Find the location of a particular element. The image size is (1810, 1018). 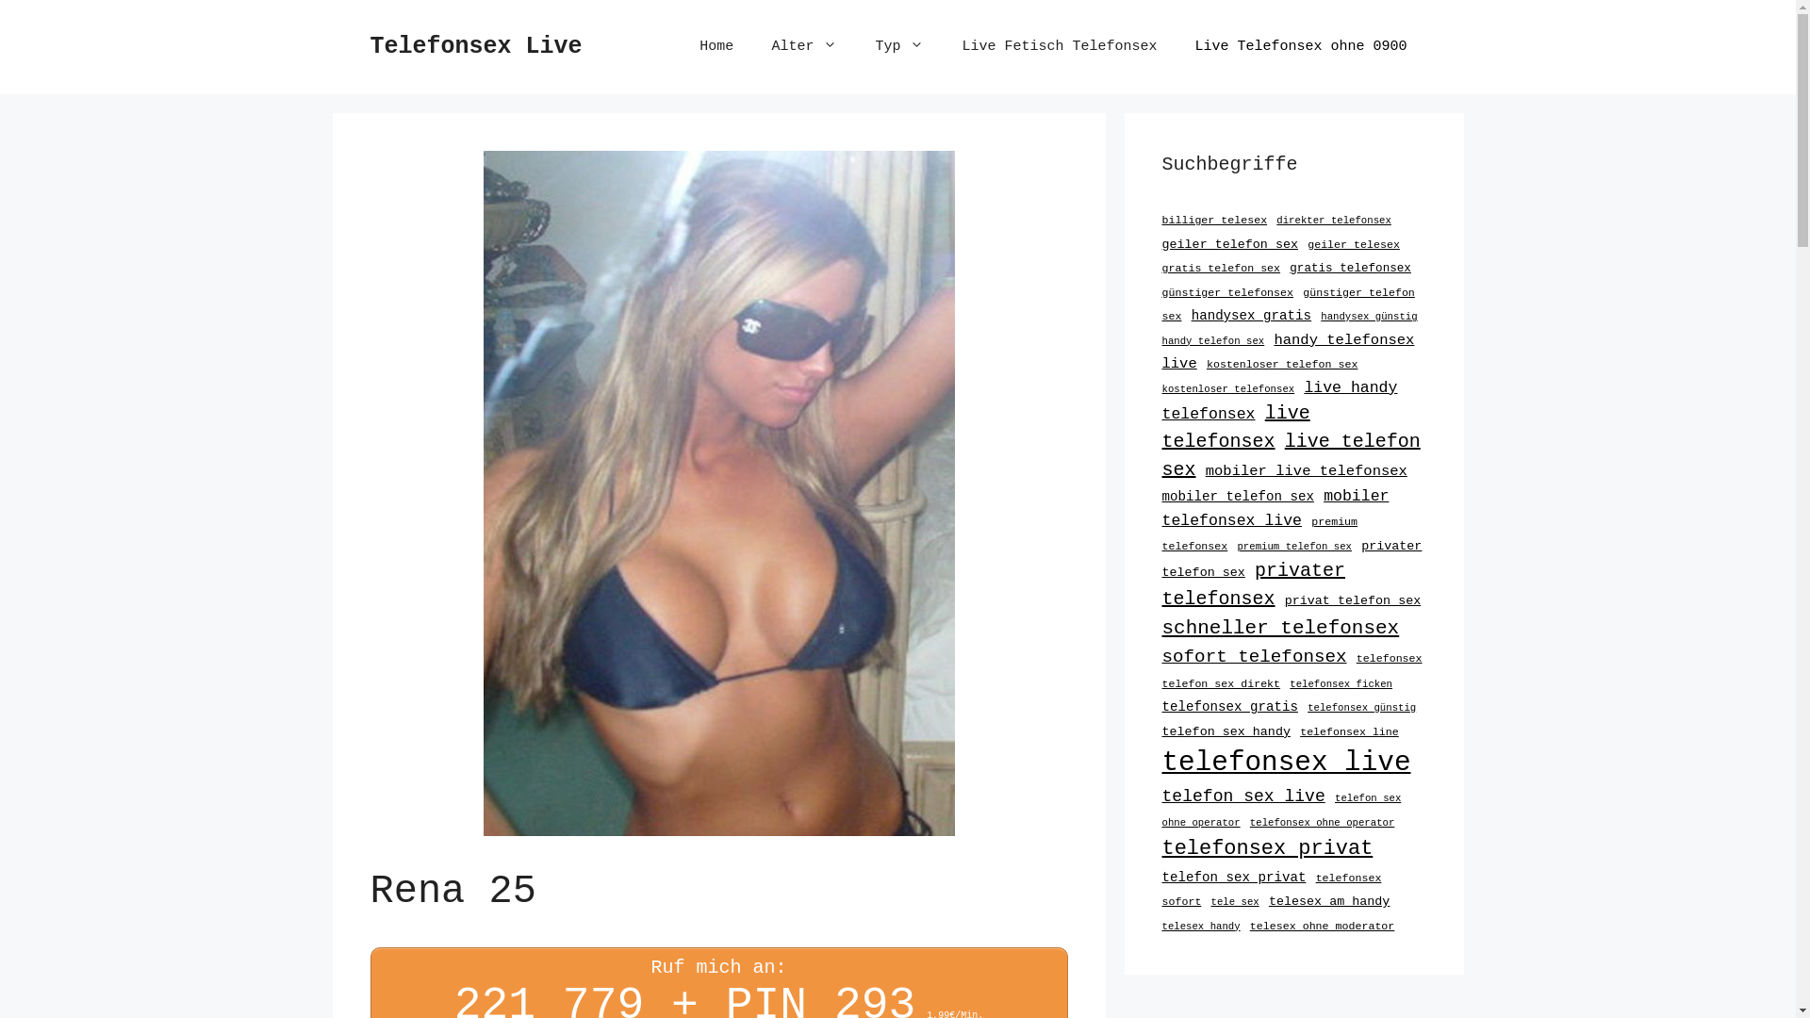

'sofort telefonsex' is located at coordinates (1253, 656).